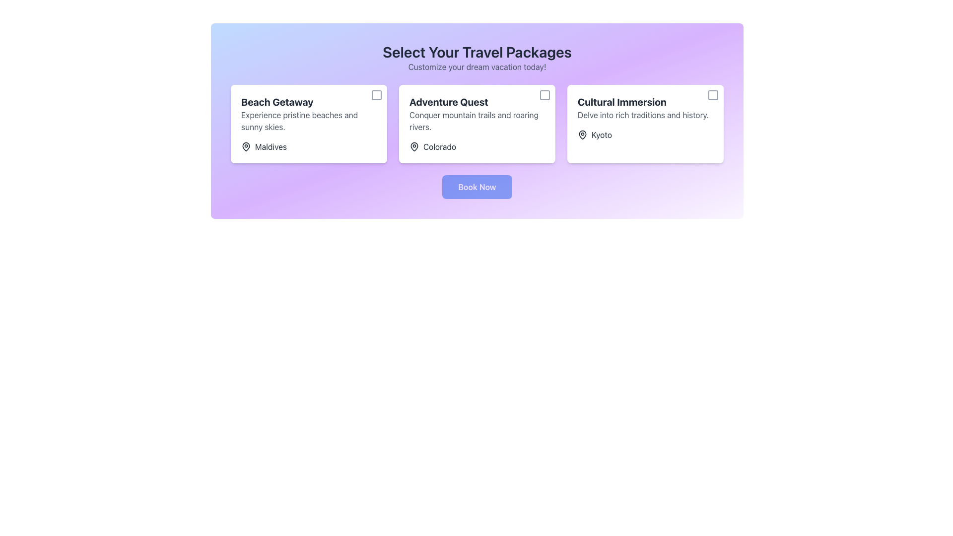 Image resolution: width=953 pixels, height=536 pixels. What do you see at coordinates (246, 147) in the screenshot?
I see `the pin icon located in the left-most section under the 'Beach Getaway' label, which symbolizes the destination 'Maldives'` at bounding box center [246, 147].